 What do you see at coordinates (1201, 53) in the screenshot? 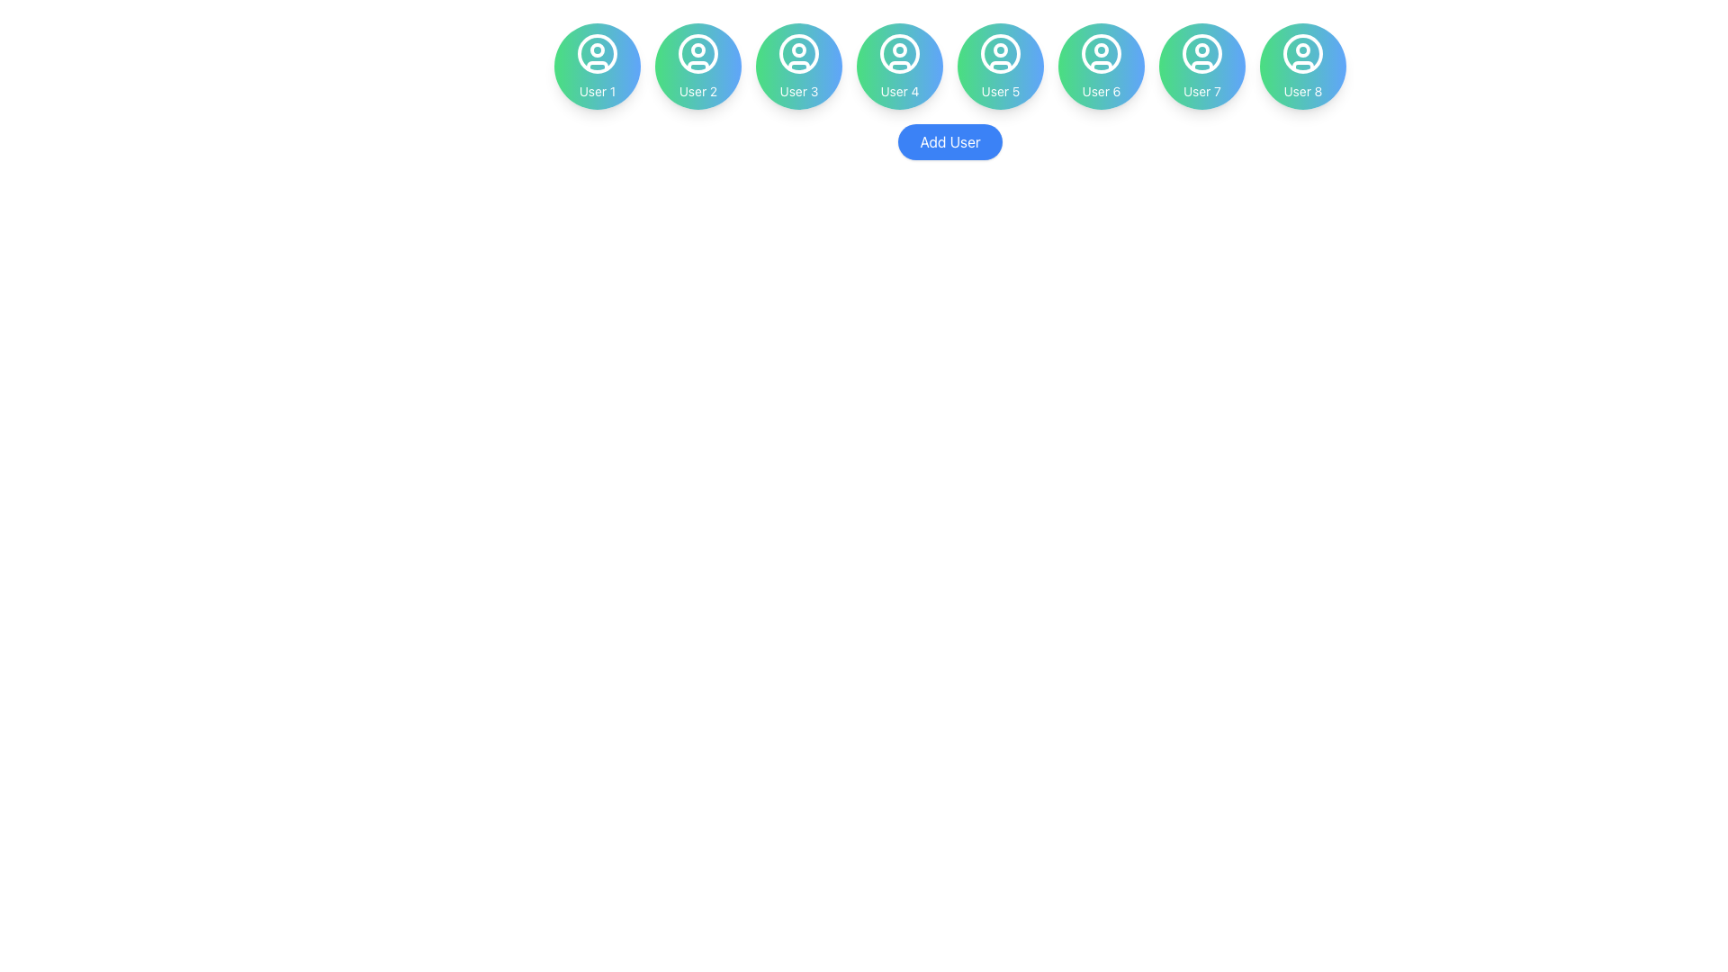
I see `the circular user icon labeled 'User 7' to view the associated user information` at bounding box center [1201, 53].